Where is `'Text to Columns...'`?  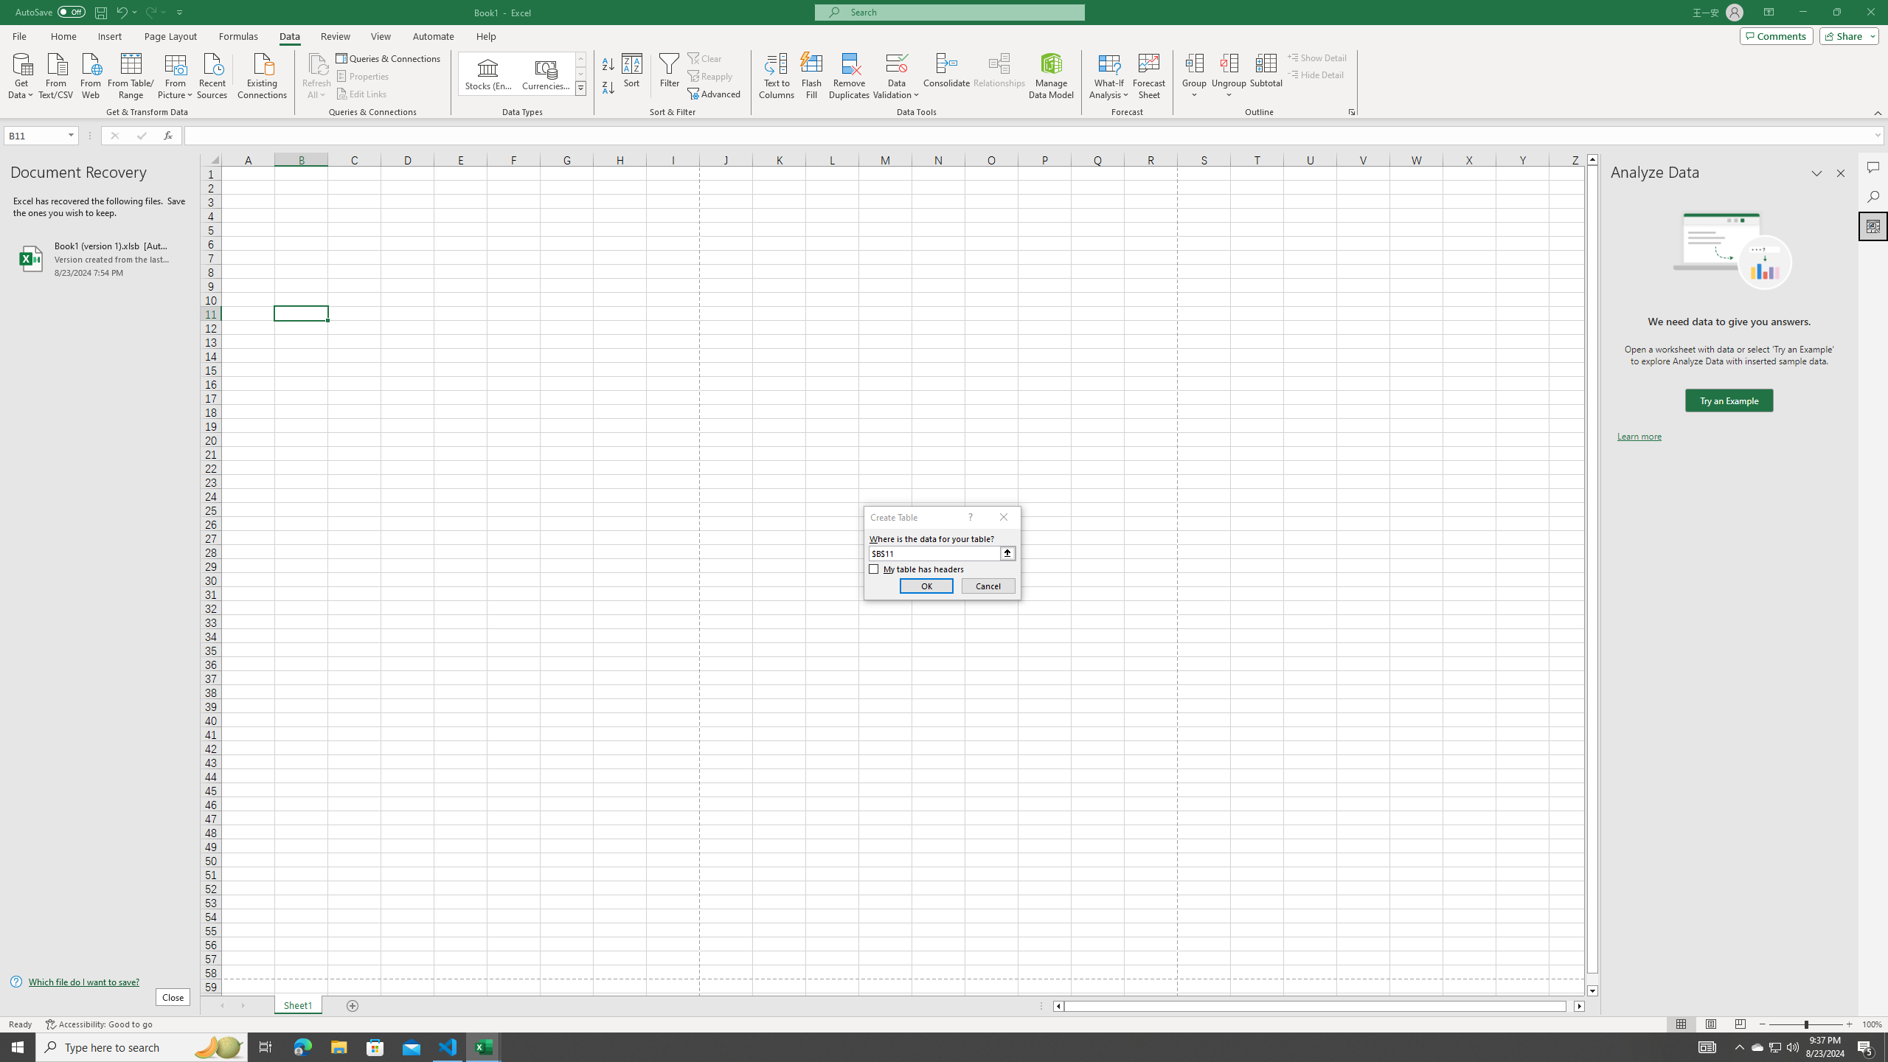 'Text to Columns...' is located at coordinates (776, 76).